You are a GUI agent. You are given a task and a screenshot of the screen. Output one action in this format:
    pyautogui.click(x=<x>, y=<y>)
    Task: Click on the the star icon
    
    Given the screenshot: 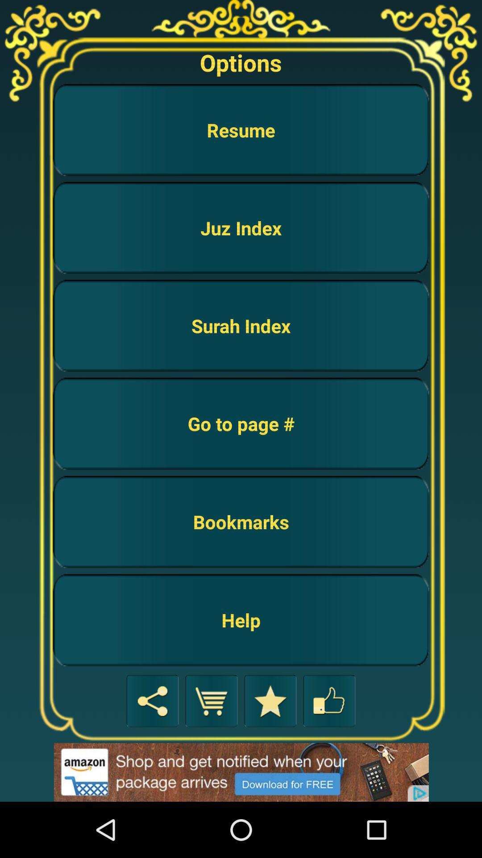 What is the action you would take?
    pyautogui.click(x=270, y=750)
    